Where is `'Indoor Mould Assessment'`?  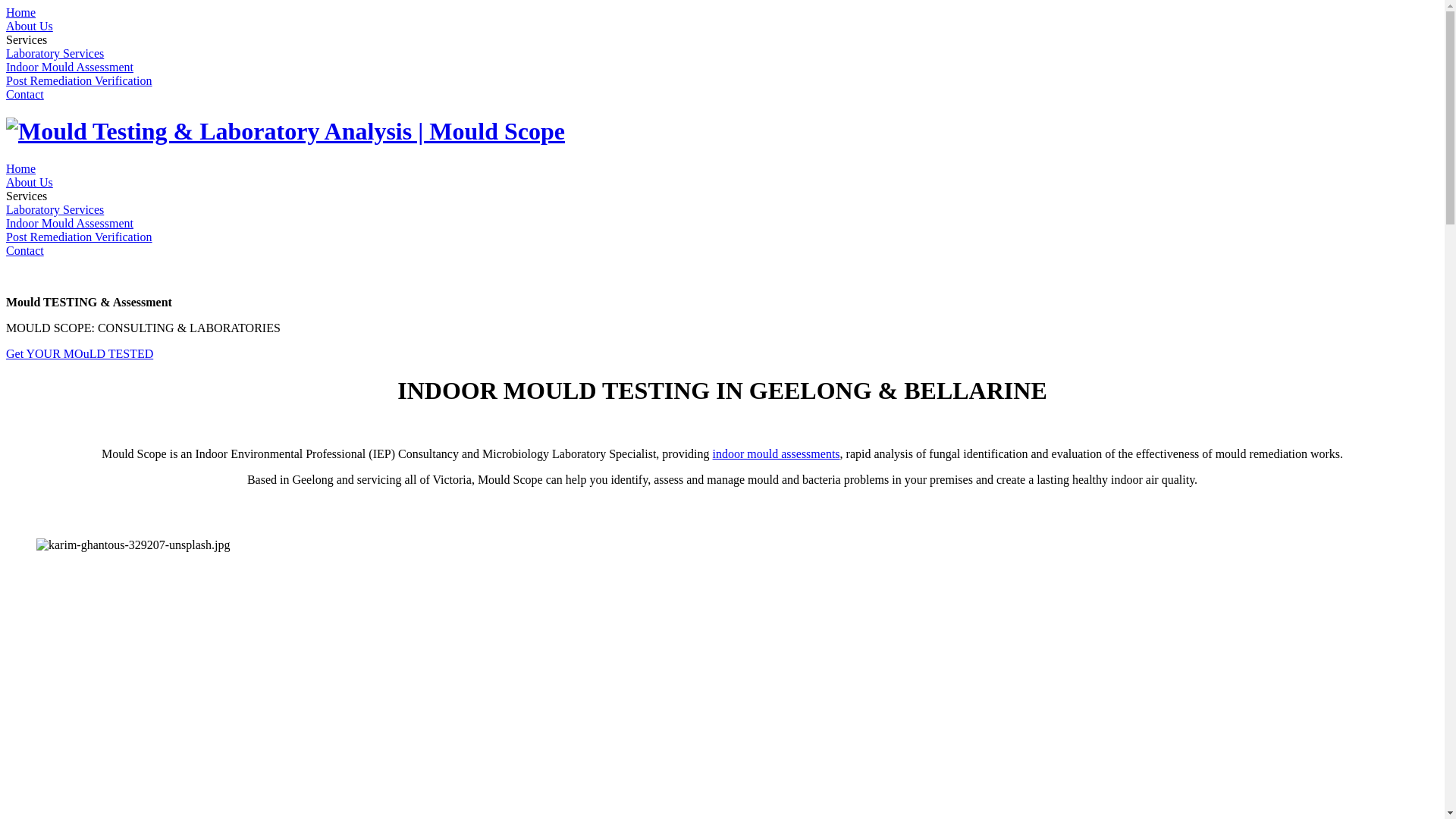 'Indoor Mould Assessment' is located at coordinates (68, 223).